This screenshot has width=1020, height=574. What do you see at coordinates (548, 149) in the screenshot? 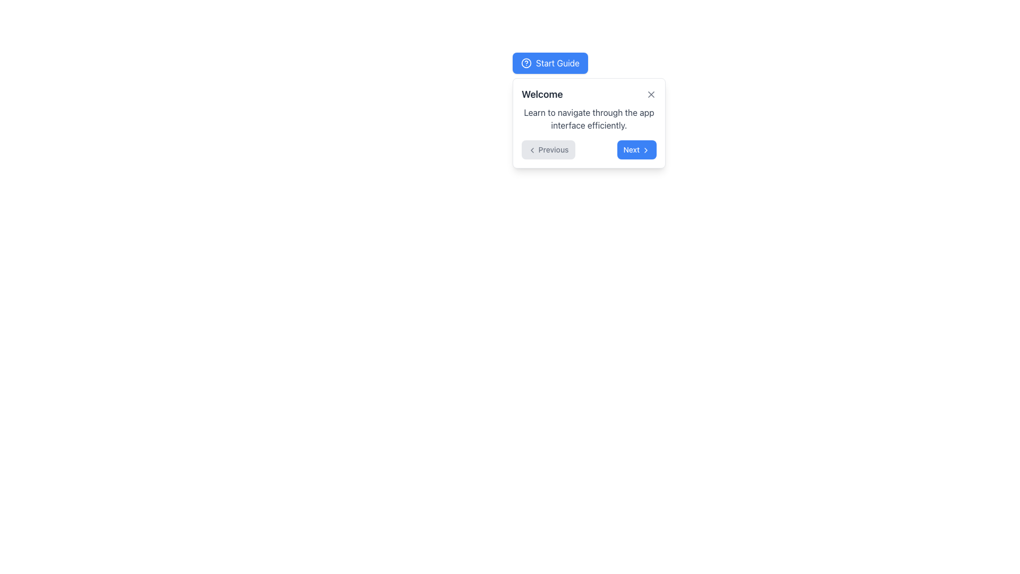
I see `the 'Previous' button, which is a rectangular button with a chevron-left icon and gray text, located at the bottom of a white card interface` at bounding box center [548, 149].